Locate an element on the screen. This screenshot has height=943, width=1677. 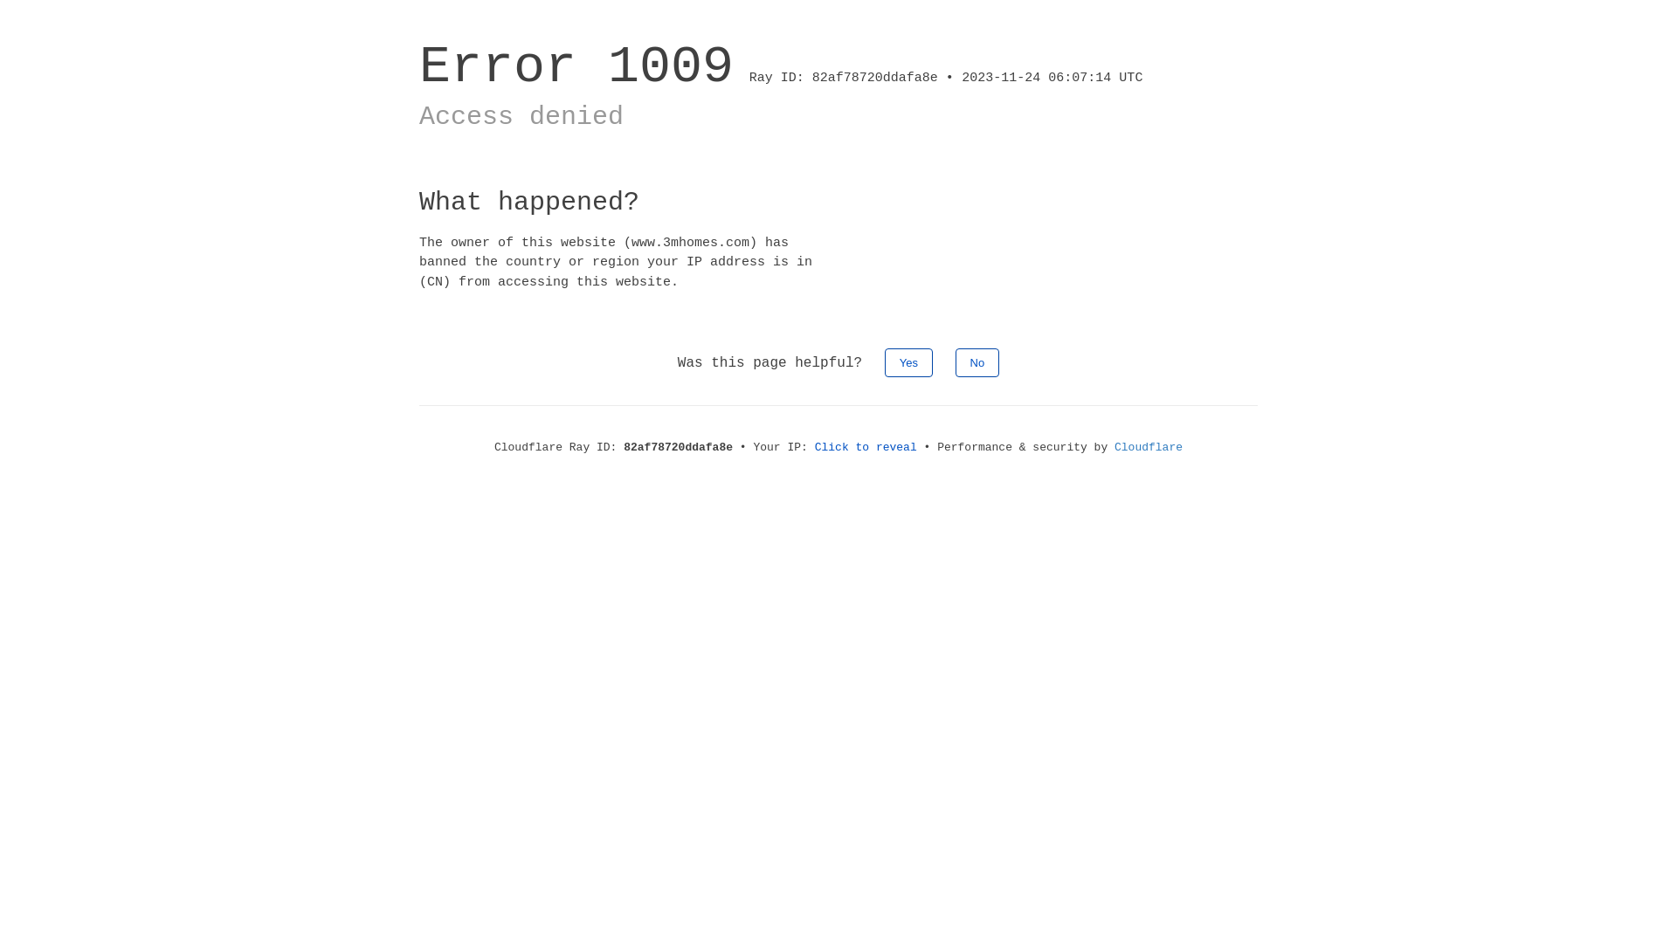
'Click to reveal' is located at coordinates (813, 446).